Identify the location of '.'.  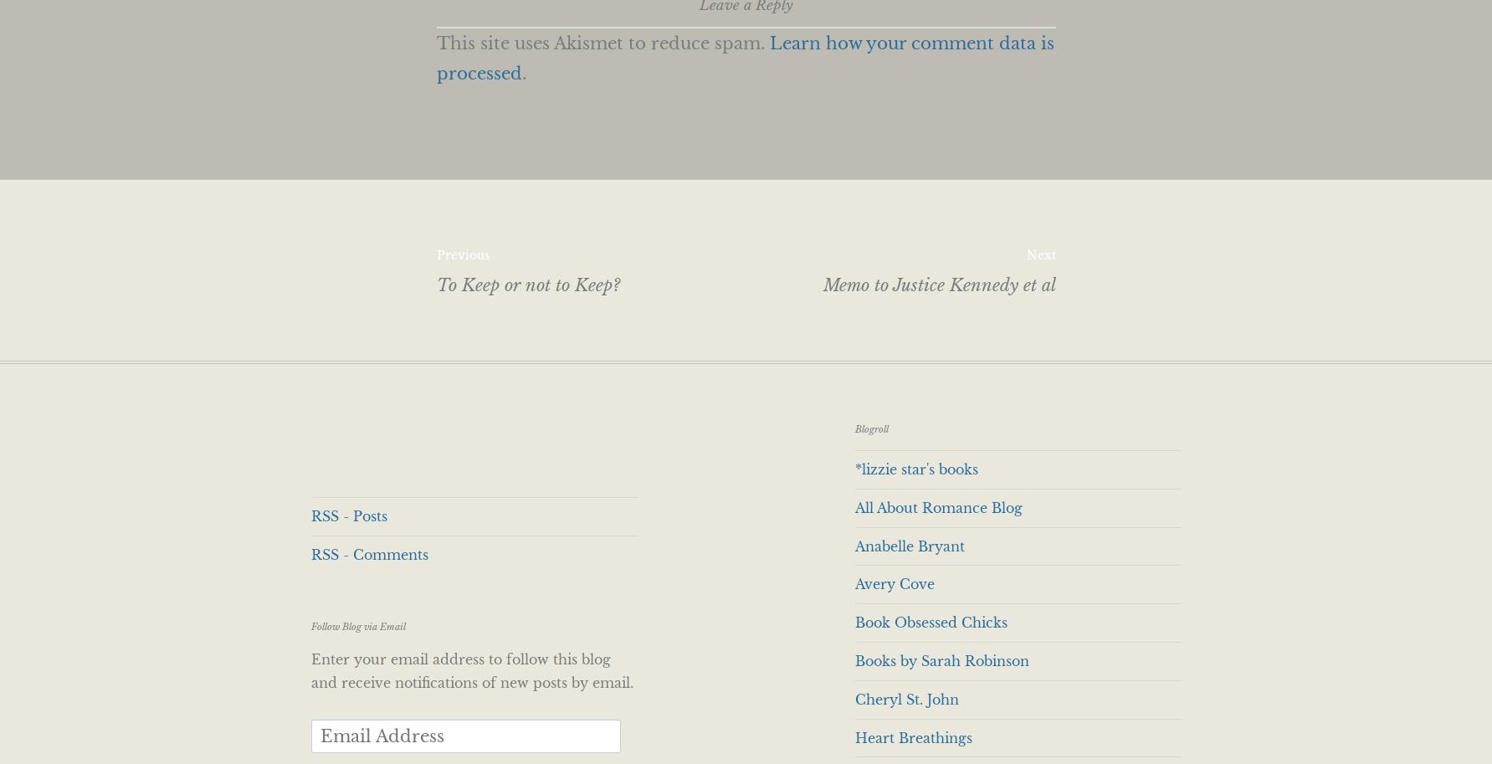
(523, 74).